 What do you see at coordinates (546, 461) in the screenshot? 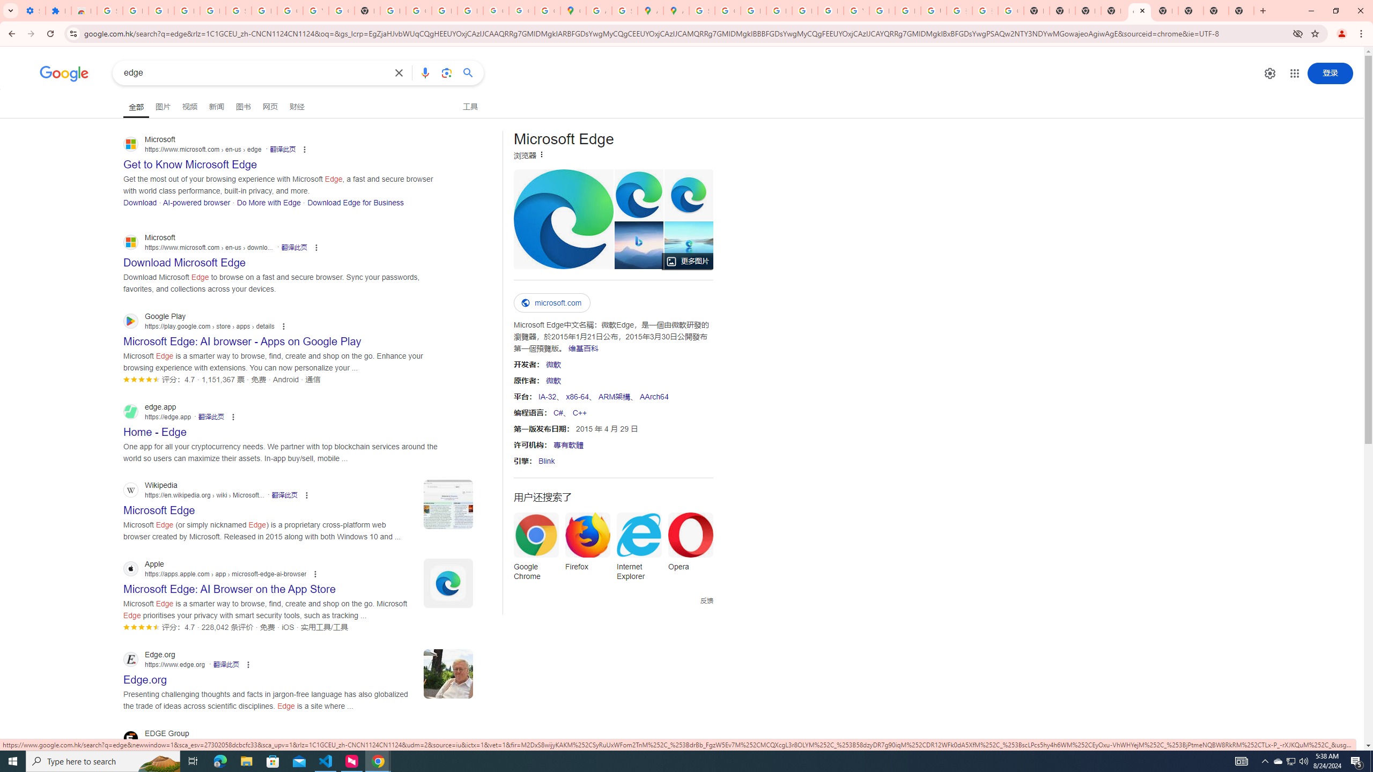
I see `'Blink'` at bounding box center [546, 461].